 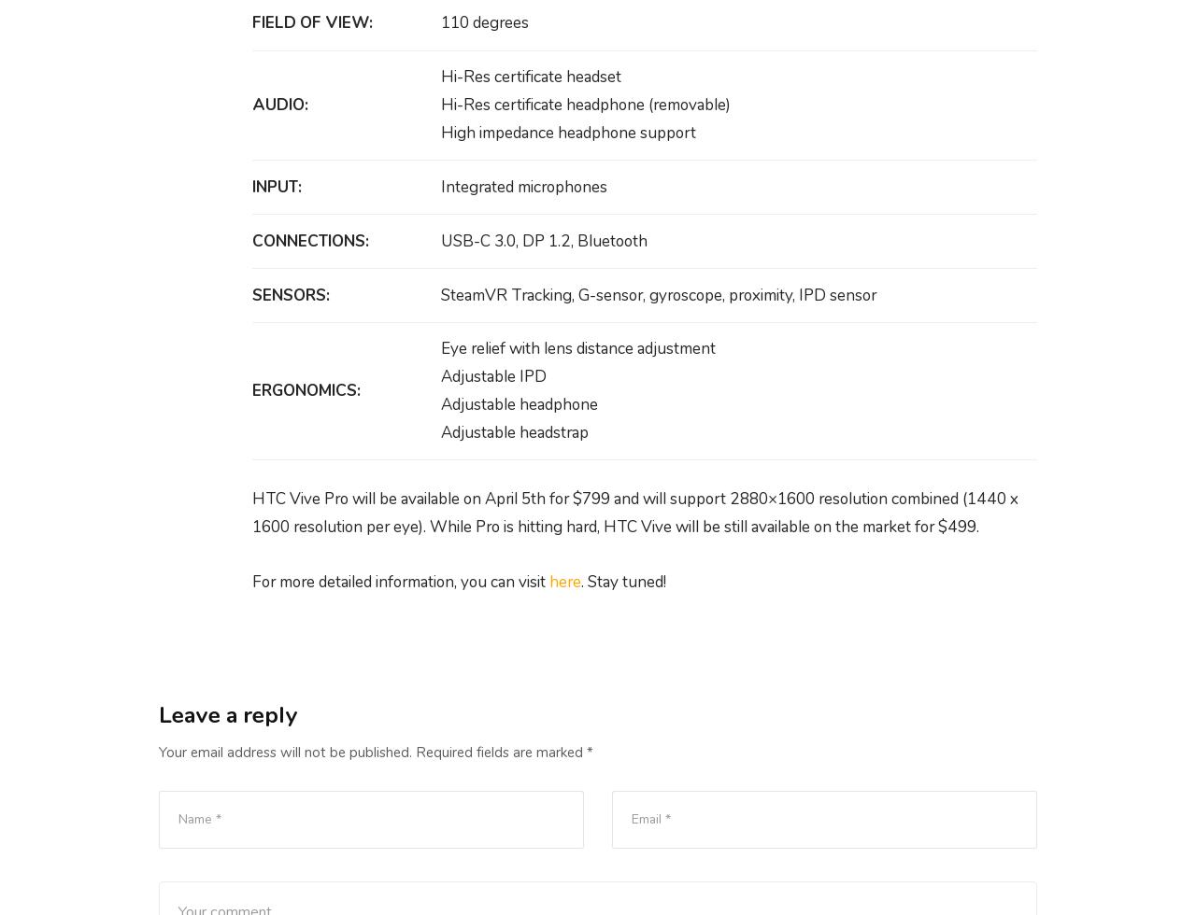 What do you see at coordinates (658, 294) in the screenshot?
I see `'SteamVR Tracking, G-sensor, gyroscope, proximity, IPD sensor'` at bounding box center [658, 294].